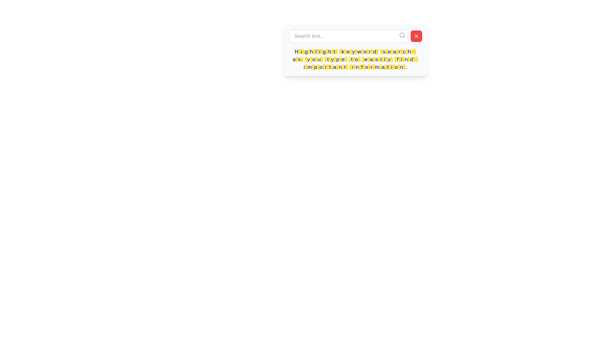  I want to click on the 18th highlighted keyword in the searchable informational text, which is visually aligned at the end of the first line of the text block, so click(381, 51).